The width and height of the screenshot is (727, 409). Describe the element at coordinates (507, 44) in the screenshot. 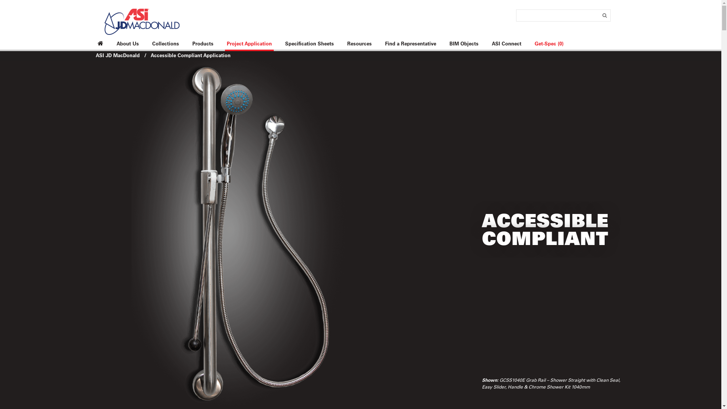

I see `'ASI Connect'` at that location.